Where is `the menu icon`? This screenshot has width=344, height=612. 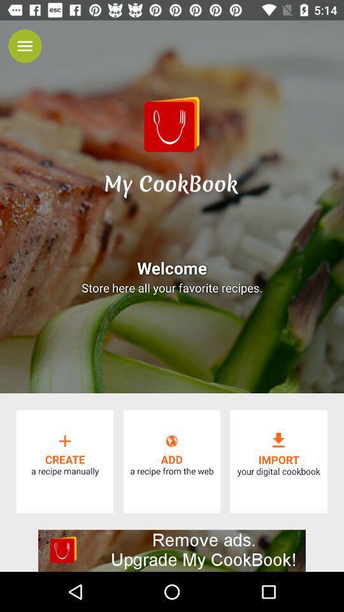 the menu icon is located at coordinates (25, 46).